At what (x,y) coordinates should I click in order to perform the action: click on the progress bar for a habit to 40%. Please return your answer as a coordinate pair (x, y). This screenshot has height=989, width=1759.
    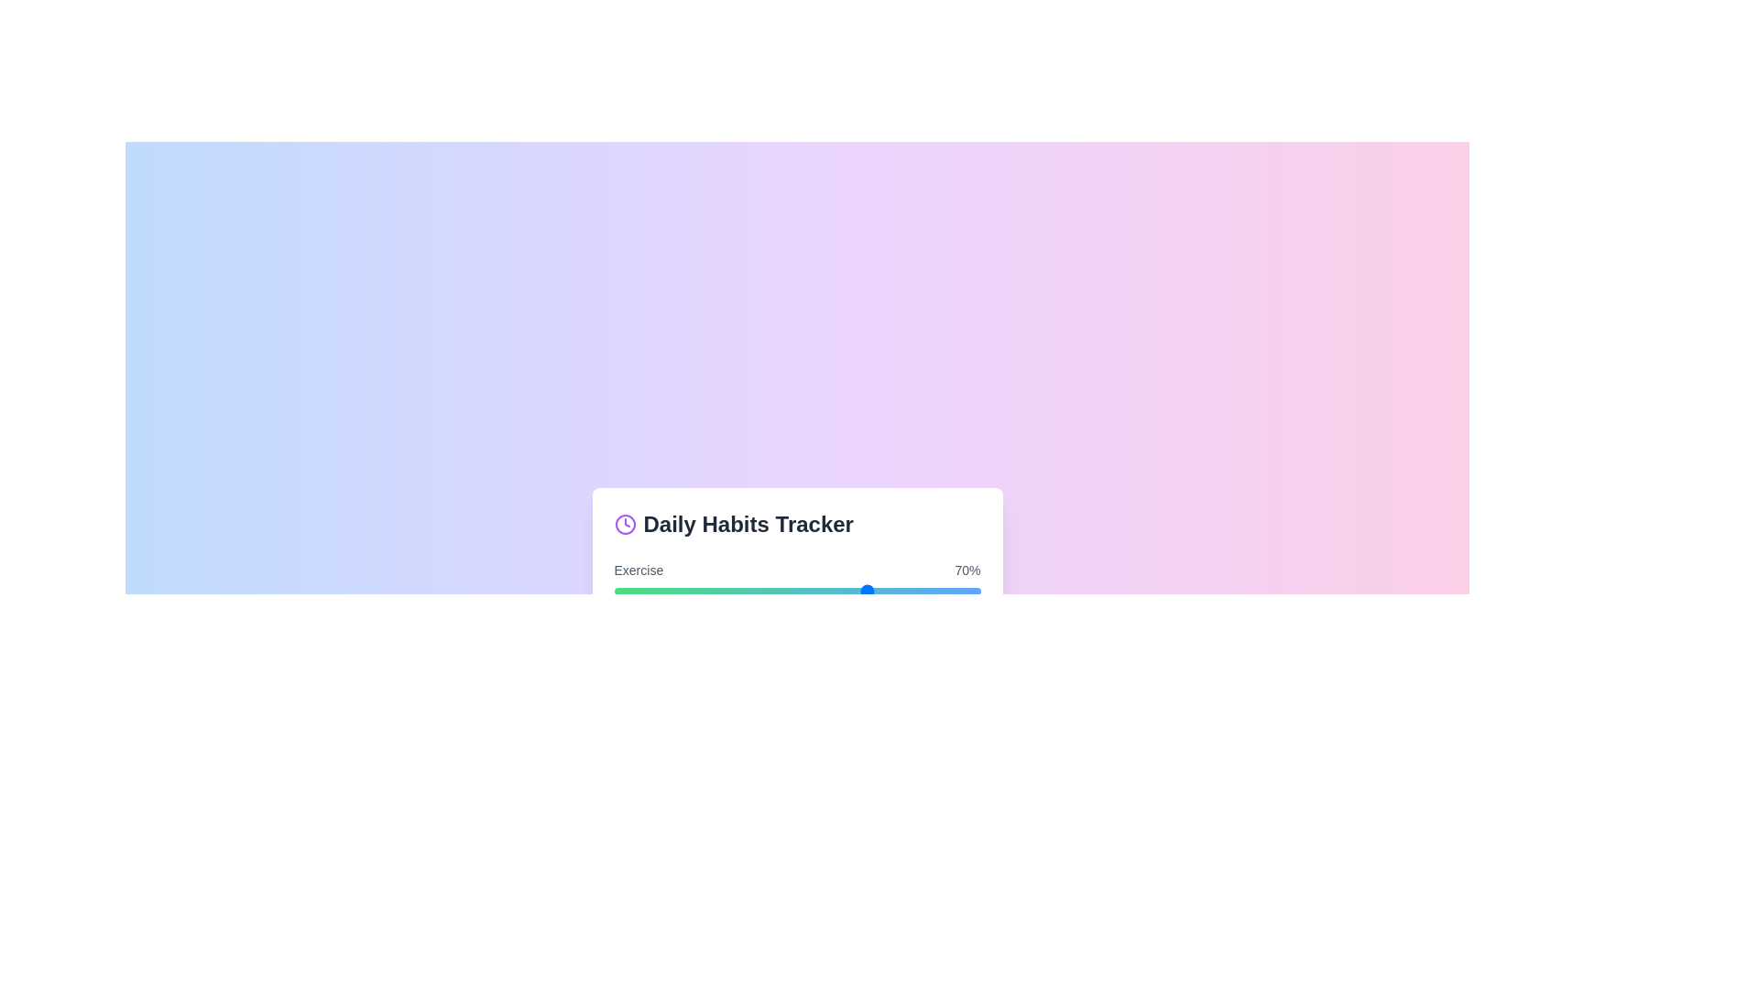
    Looking at the image, I should click on (760, 591).